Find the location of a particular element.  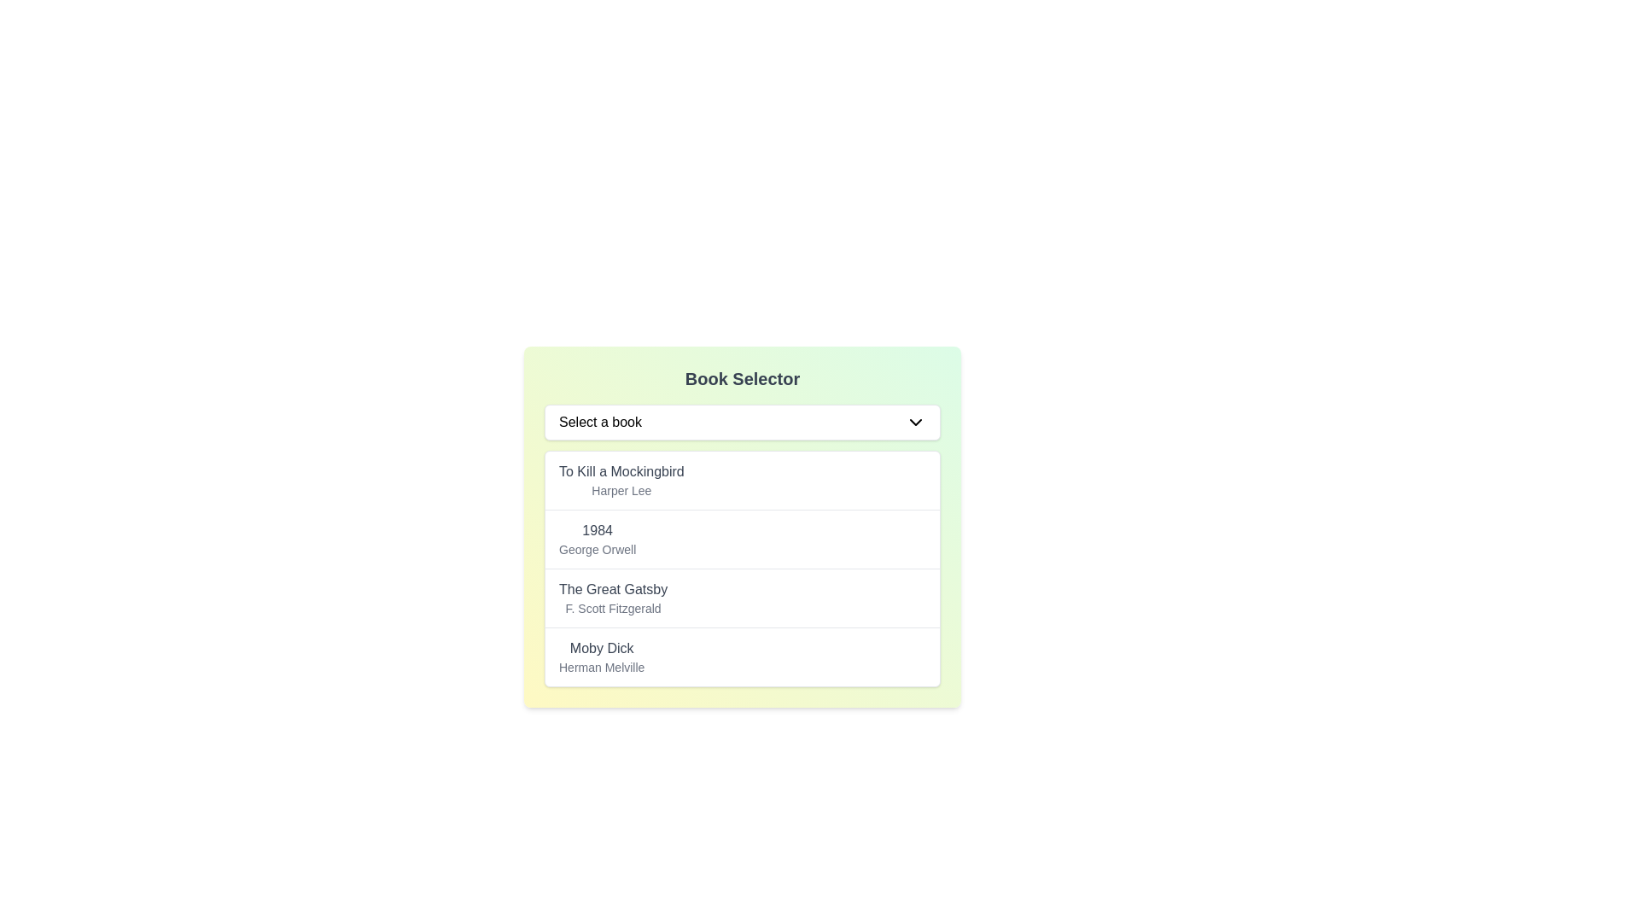

text content of the author label 'F. Scott Fitzgerald' located beneath the title 'The Great Gatsby' in the book selector interface is located at coordinates (613, 608).